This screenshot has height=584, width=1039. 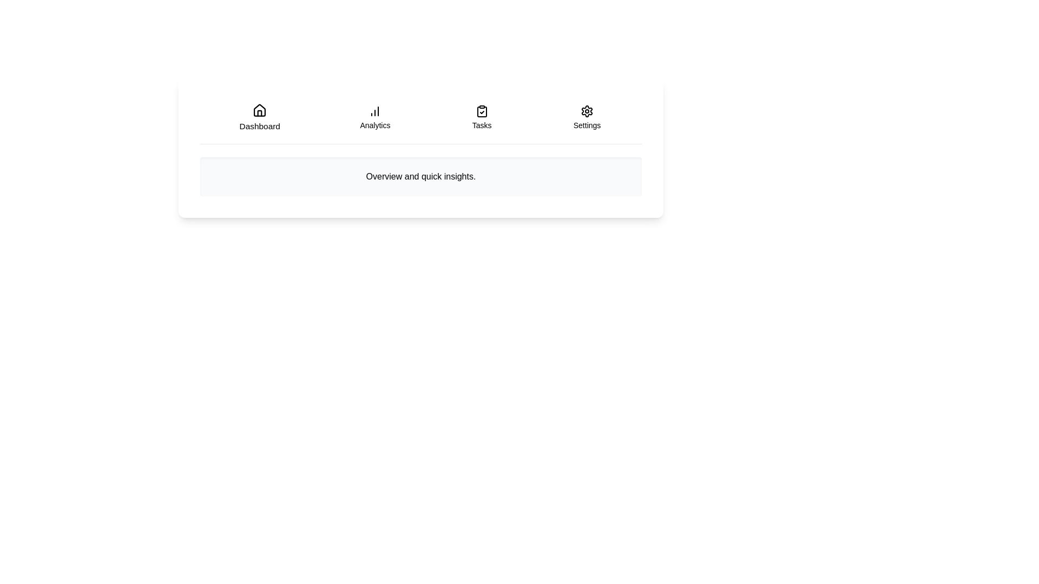 What do you see at coordinates (586, 124) in the screenshot?
I see `the 'Settings' text label located in the navigation toolbar` at bounding box center [586, 124].